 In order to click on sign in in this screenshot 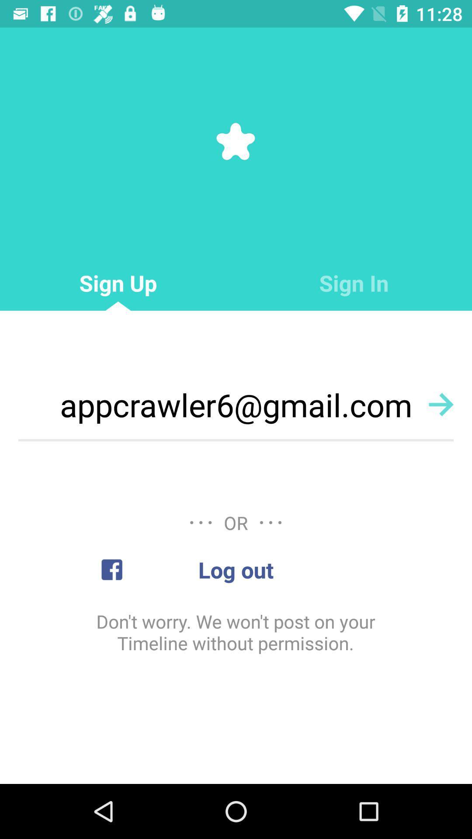, I will do `click(354, 283)`.